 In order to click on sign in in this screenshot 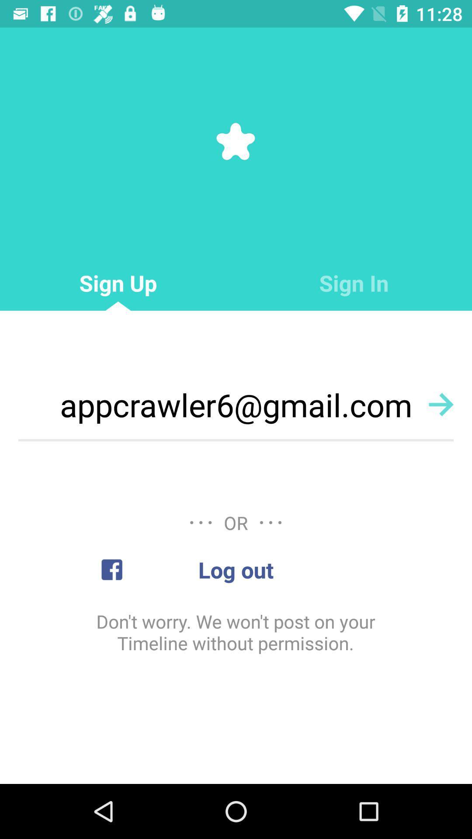, I will do `click(354, 283)`.